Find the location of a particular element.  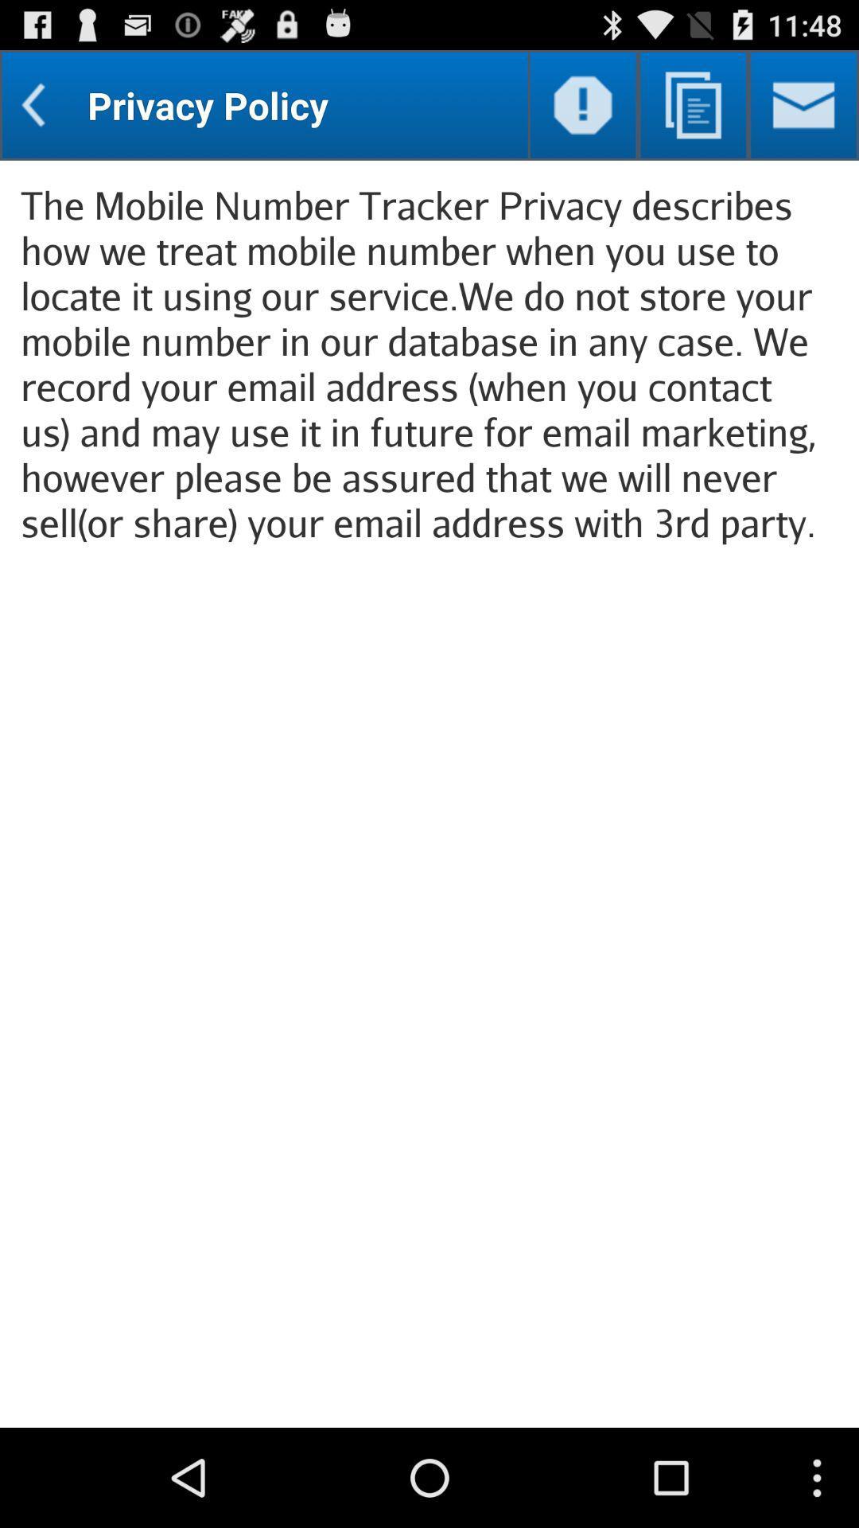

describes is located at coordinates (692, 104).